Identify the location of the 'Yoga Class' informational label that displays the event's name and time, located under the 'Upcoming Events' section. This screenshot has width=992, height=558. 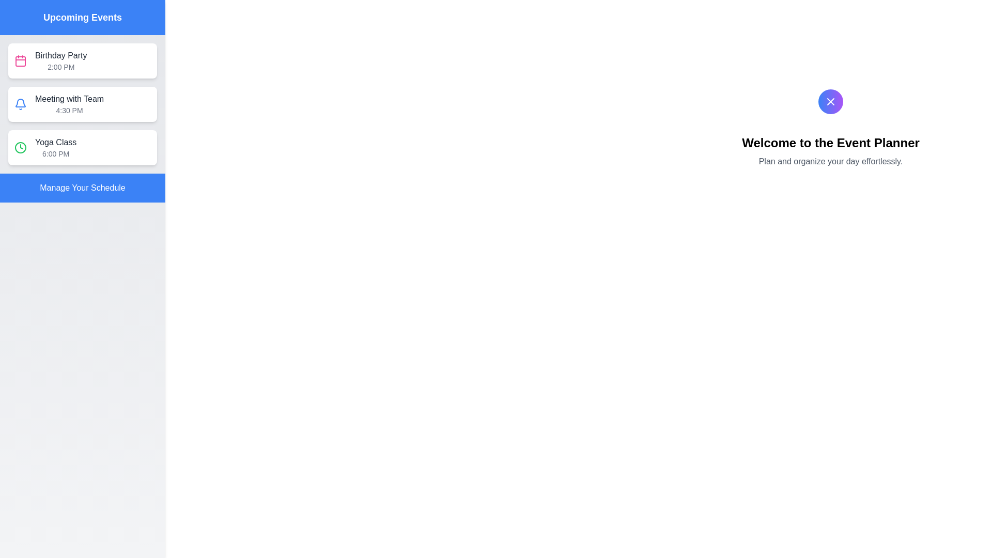
(55, 147).